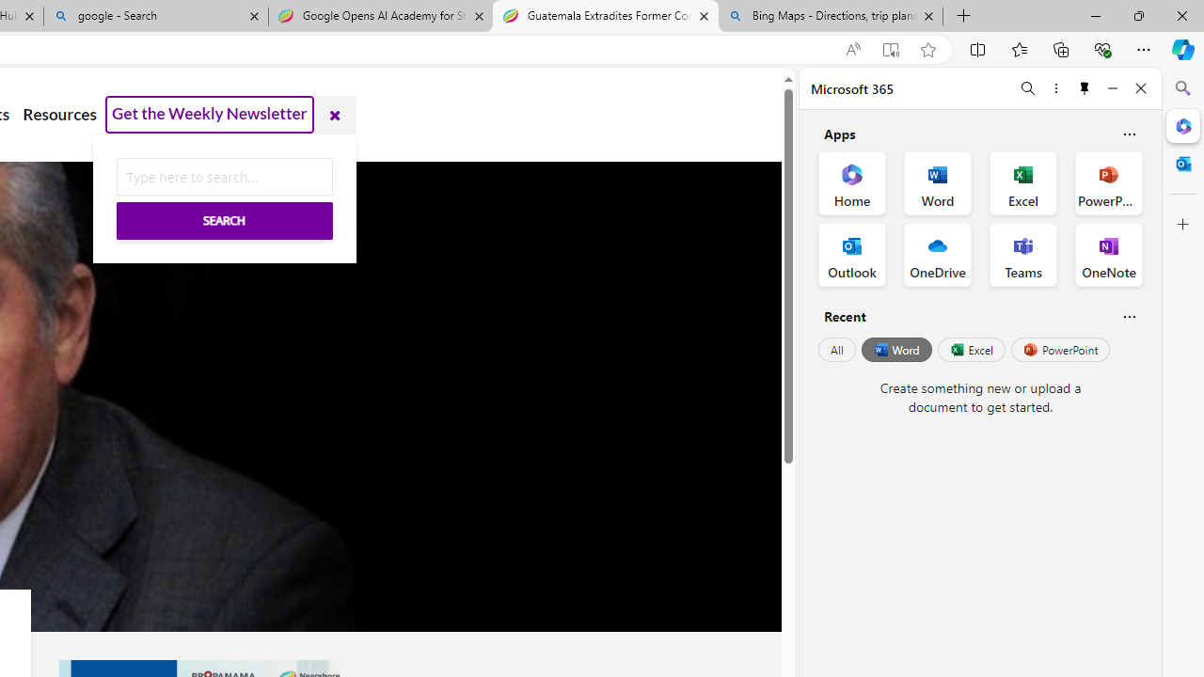 This screenshot has width=1204, height=677. What do you see at coordinates (379, 16) in the screenshot?
I see `'Google Opens AI Academy for Startups - Nearshore Americas'` at bounding box center [379, 16].